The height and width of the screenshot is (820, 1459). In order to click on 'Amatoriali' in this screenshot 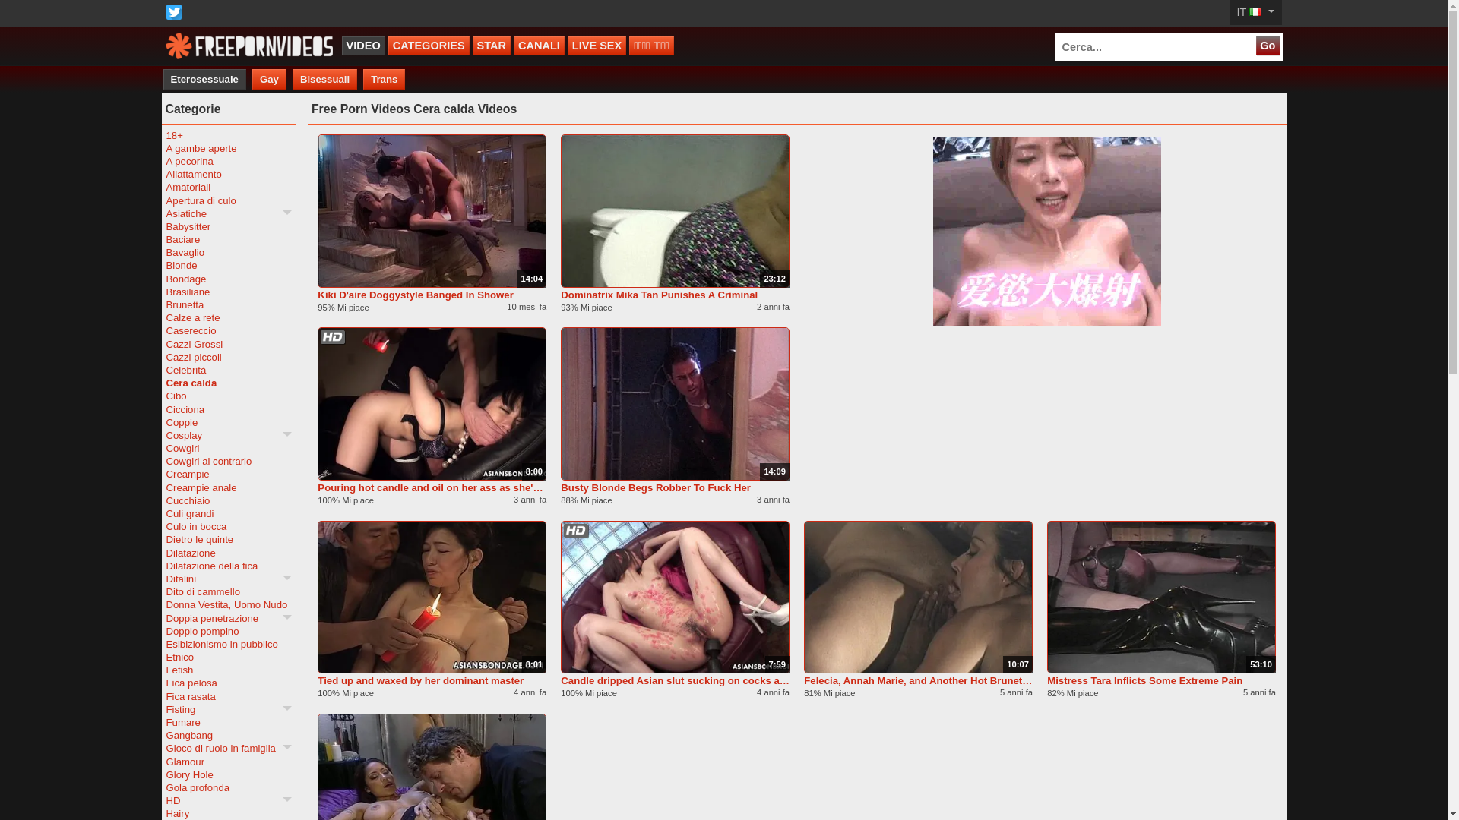, I will do `click(165, 186)`.